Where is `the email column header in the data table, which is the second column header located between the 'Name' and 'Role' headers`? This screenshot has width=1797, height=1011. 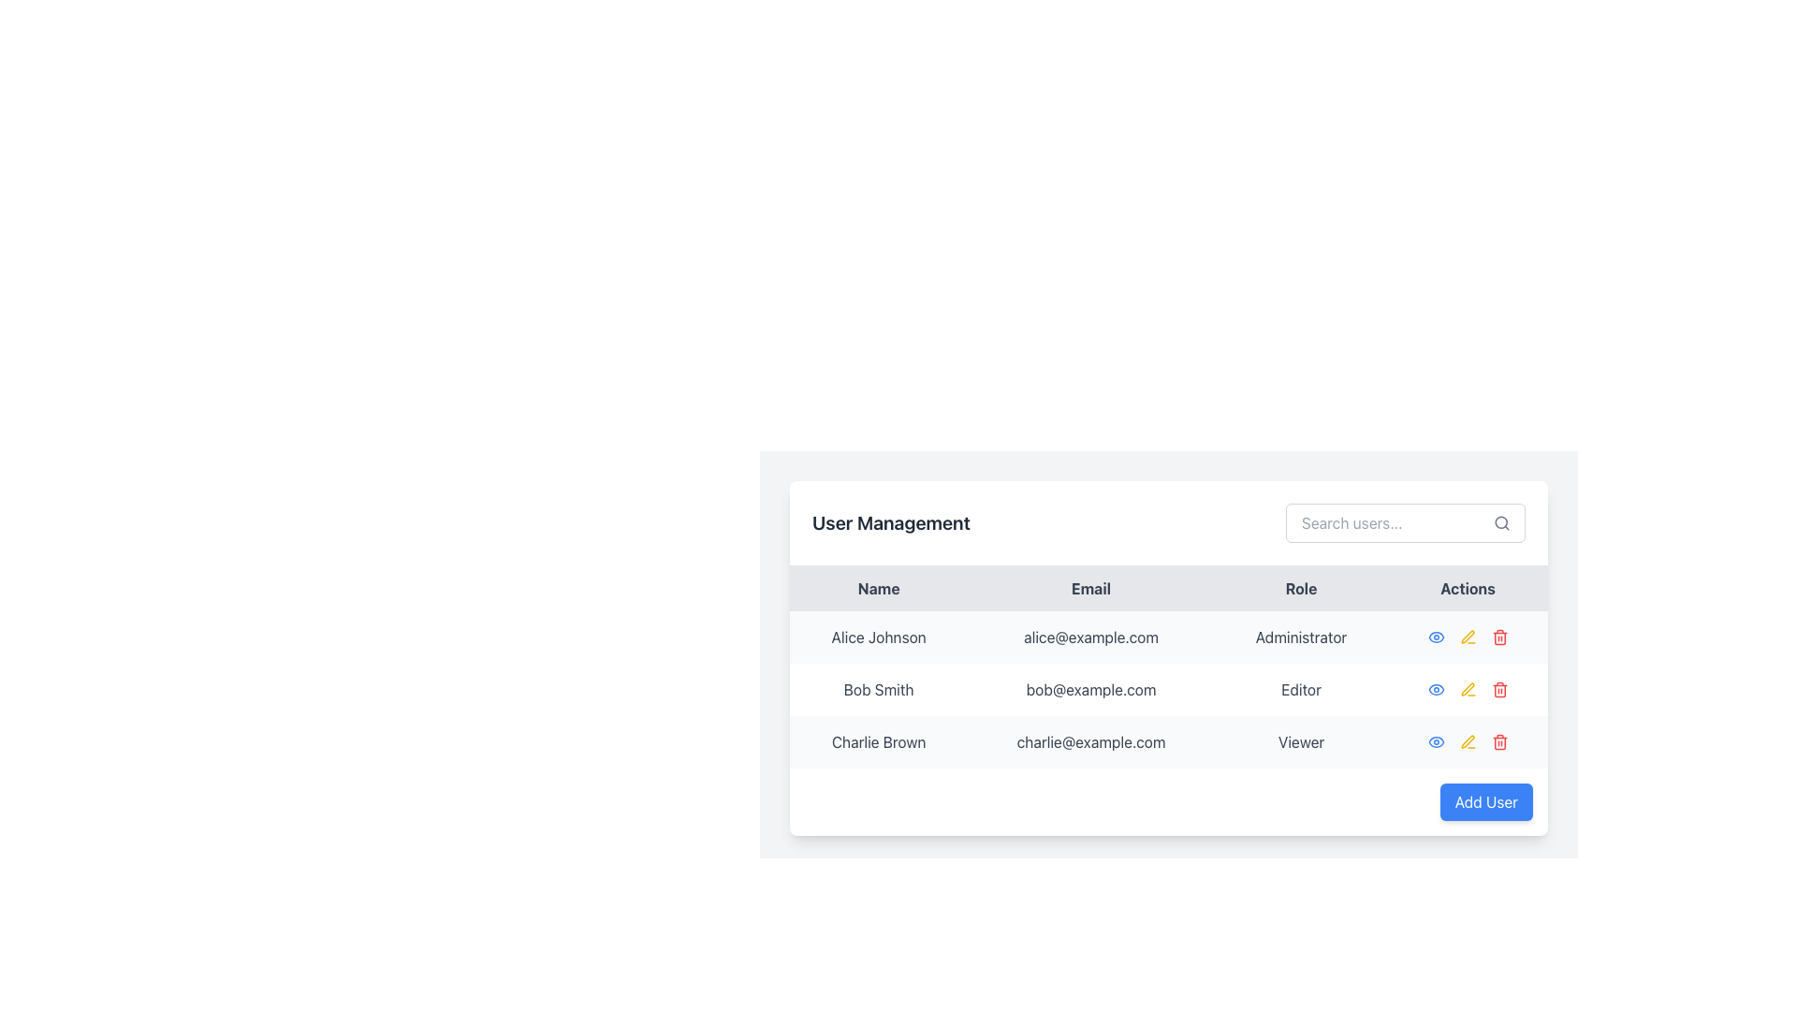
the email column header in the data table, which is the second column header located between the 'Name' and 'Role' headers is located at coordinates (1091, 587).